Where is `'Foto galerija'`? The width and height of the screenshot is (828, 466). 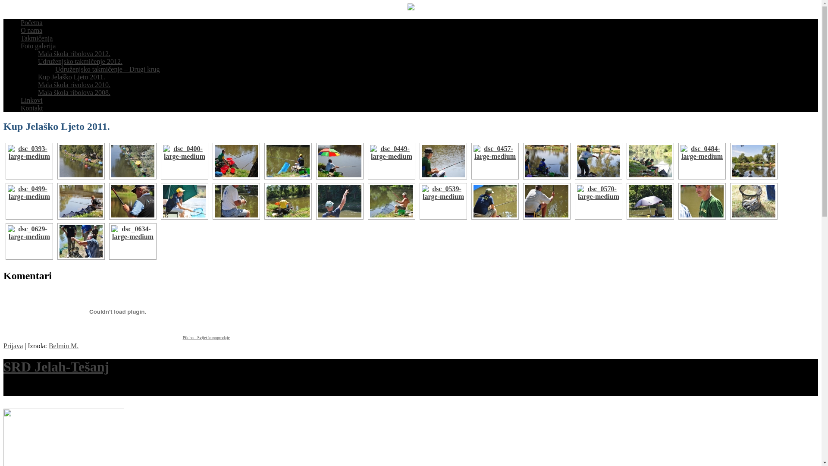 'Foto galerija' is located at coordinates (38, 46).